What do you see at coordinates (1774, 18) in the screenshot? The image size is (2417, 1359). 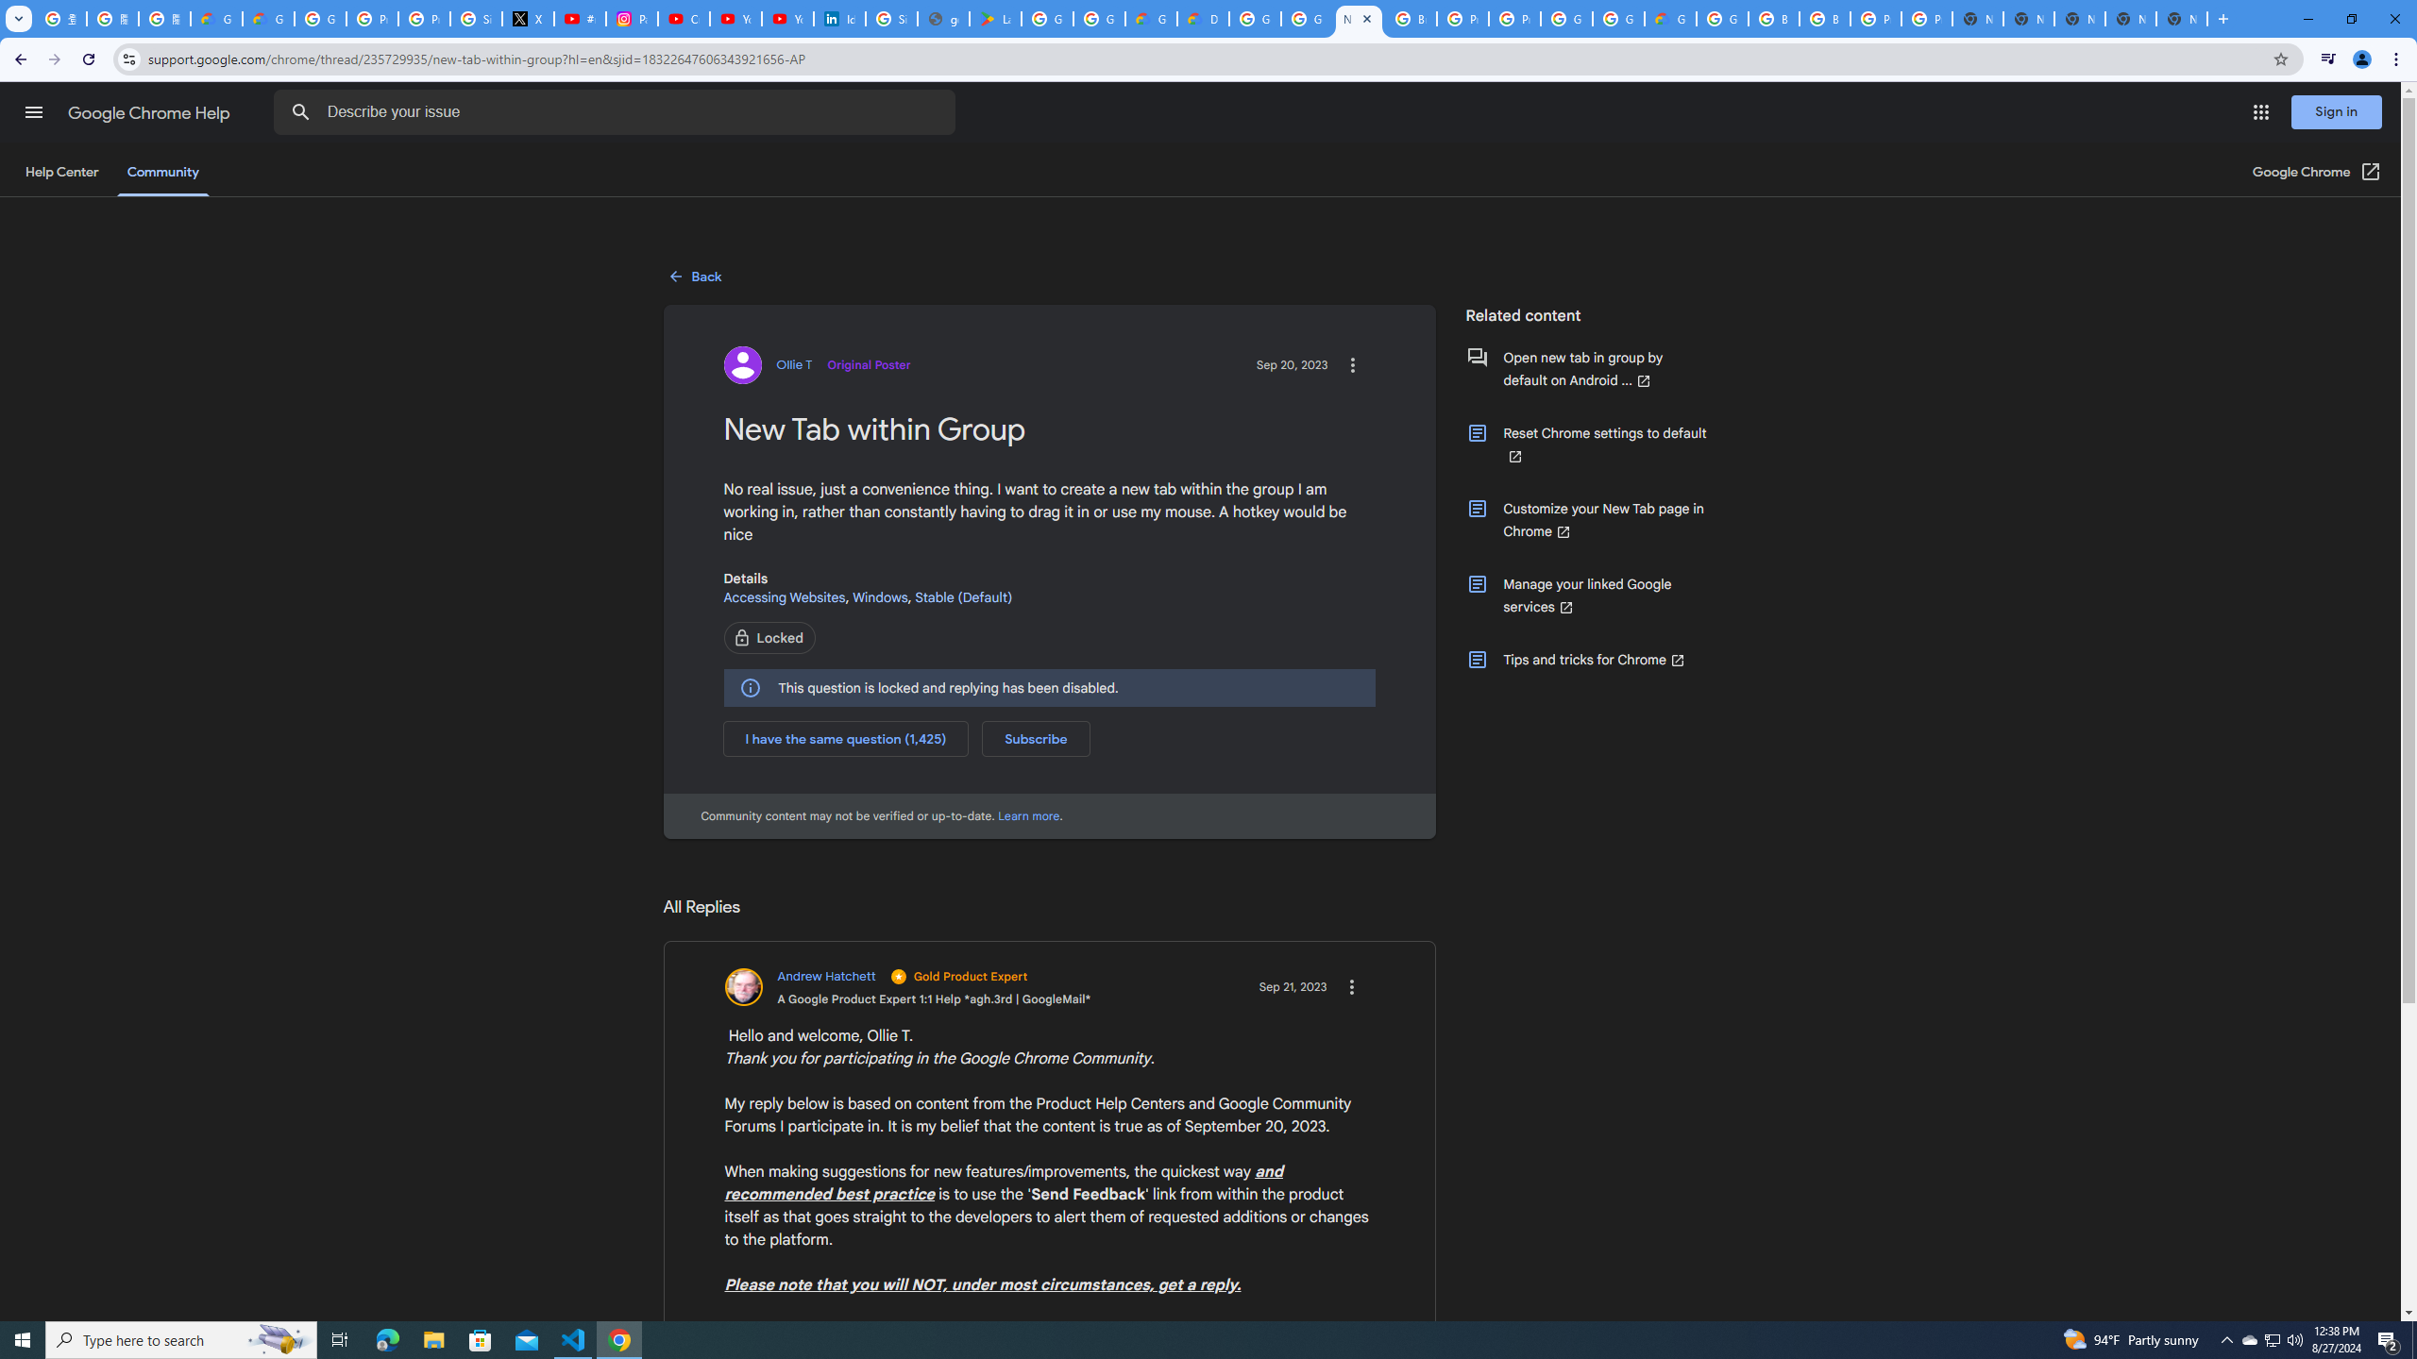 I see `'Browse Chrome as a guest - Computer - Google Chrome Help'` at bounding box center [1774, 18].